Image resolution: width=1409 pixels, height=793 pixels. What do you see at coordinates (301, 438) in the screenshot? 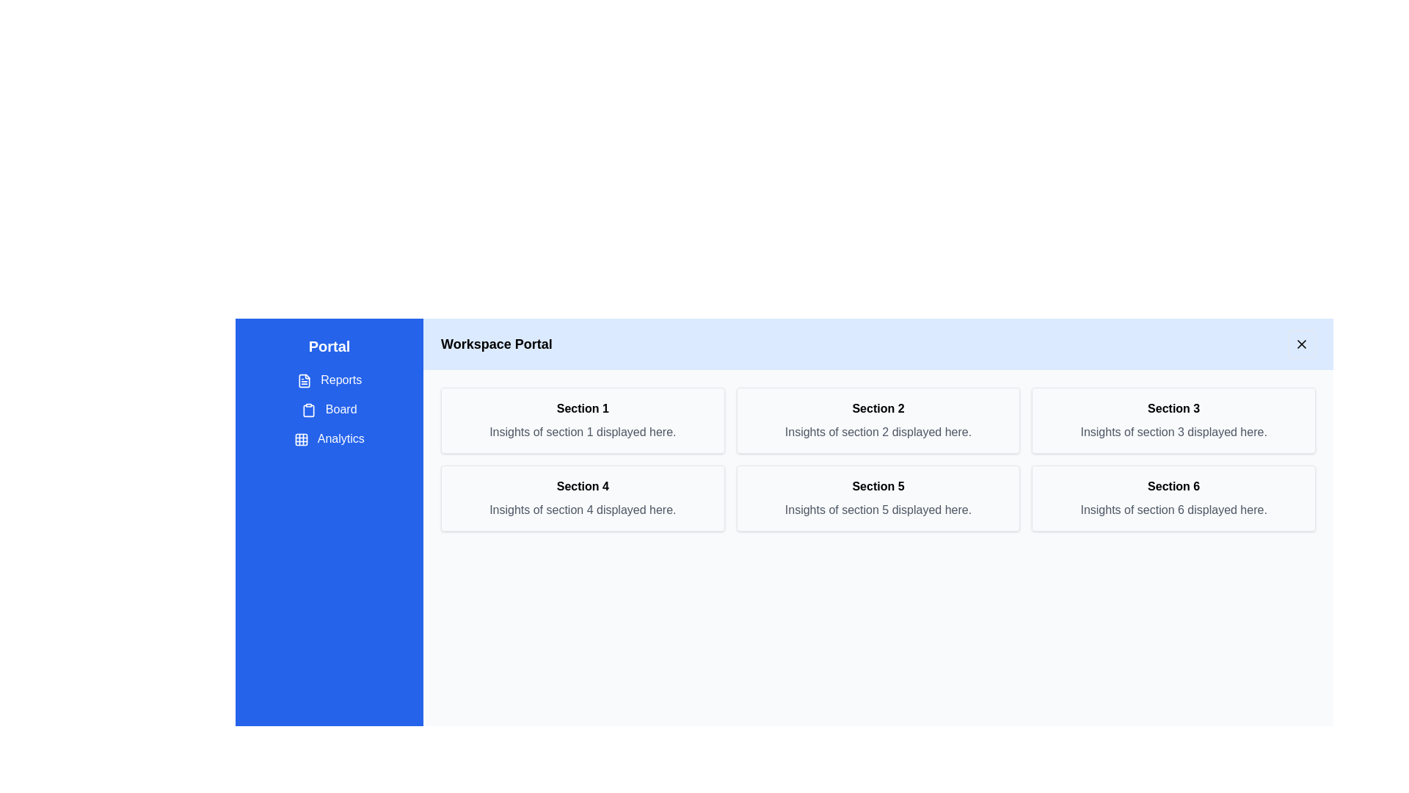
I see `the button representing the Analytics section in the blue left sidebar, located next` at bounding box center [301, 438].